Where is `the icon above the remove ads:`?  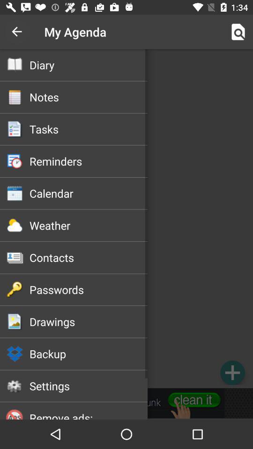
the icon above the remove ads: is located at coordinates (89, 386).